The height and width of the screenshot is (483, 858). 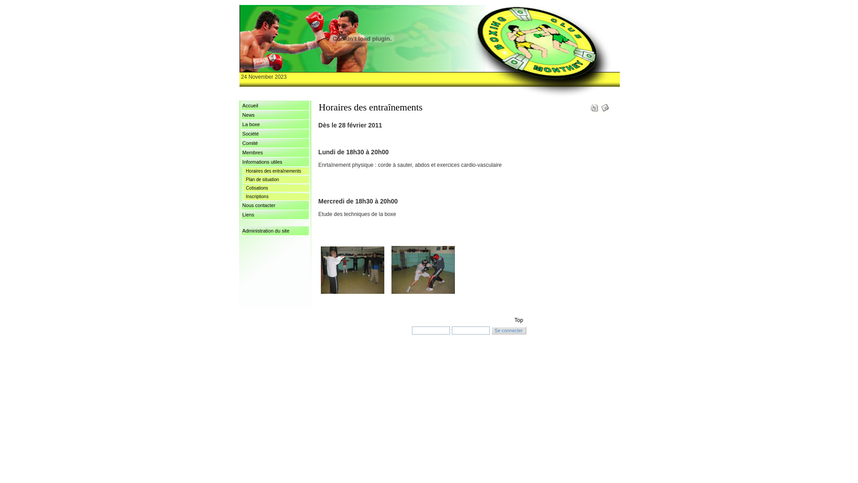 I want to click on 'Inscriptions', so click(x=276, y=196).